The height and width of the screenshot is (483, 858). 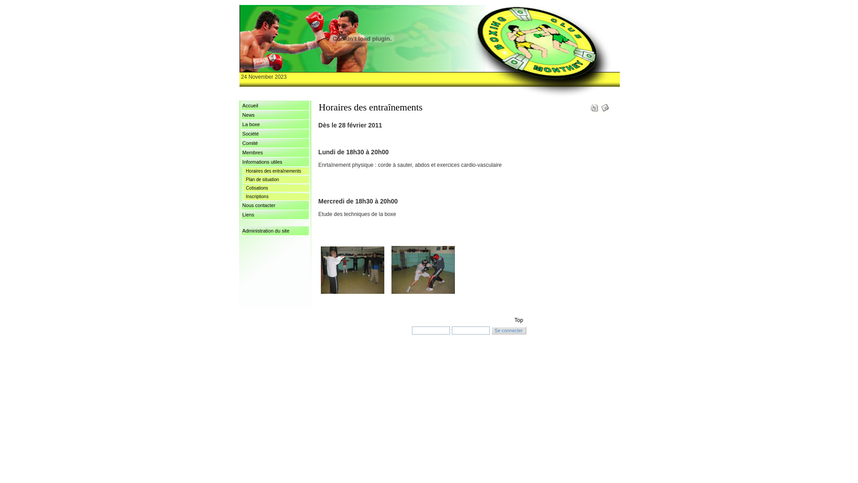 I want to click on 'Inscriptions', so click(x=276, y=196).